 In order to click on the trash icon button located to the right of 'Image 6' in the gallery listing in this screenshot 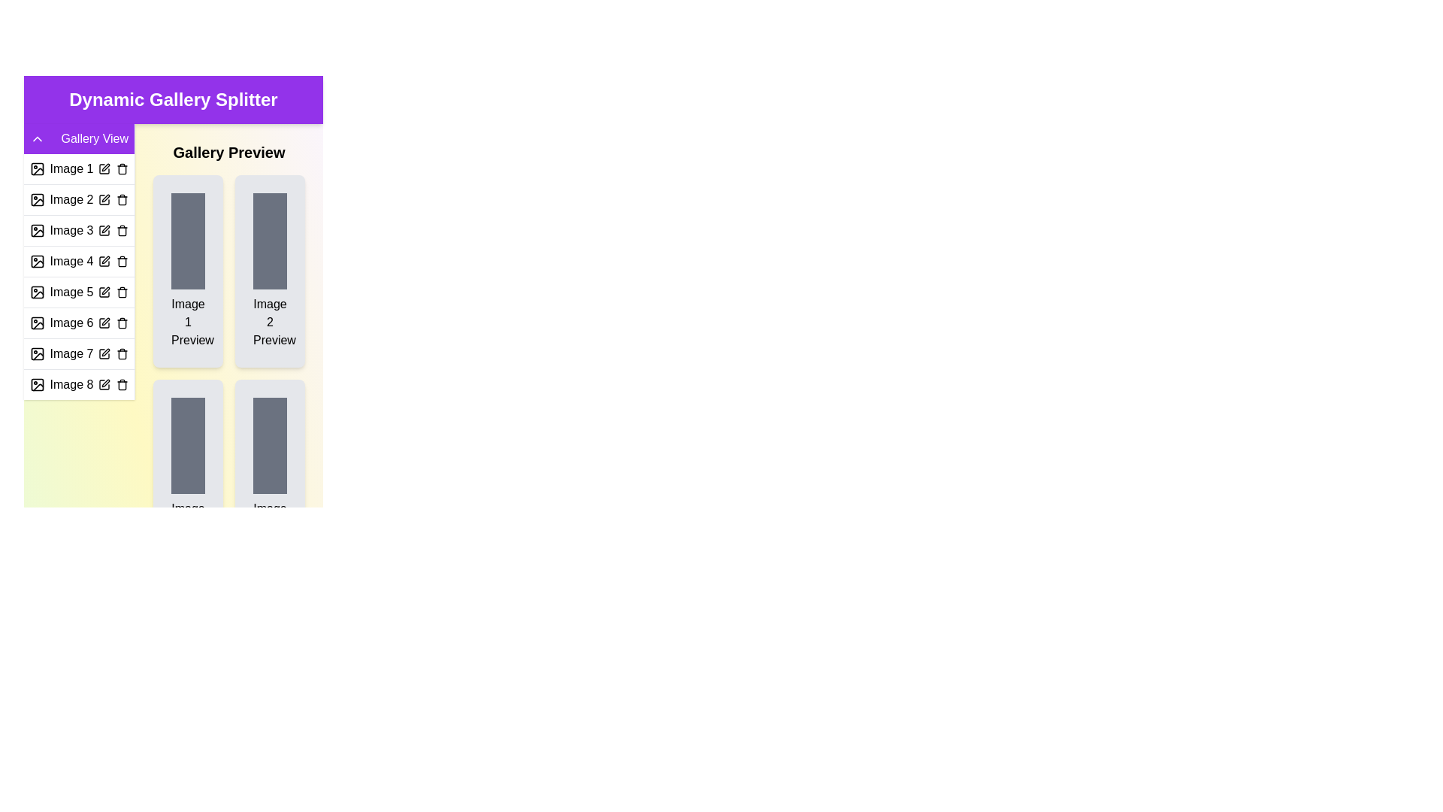, I will do `click(123, 322)`.